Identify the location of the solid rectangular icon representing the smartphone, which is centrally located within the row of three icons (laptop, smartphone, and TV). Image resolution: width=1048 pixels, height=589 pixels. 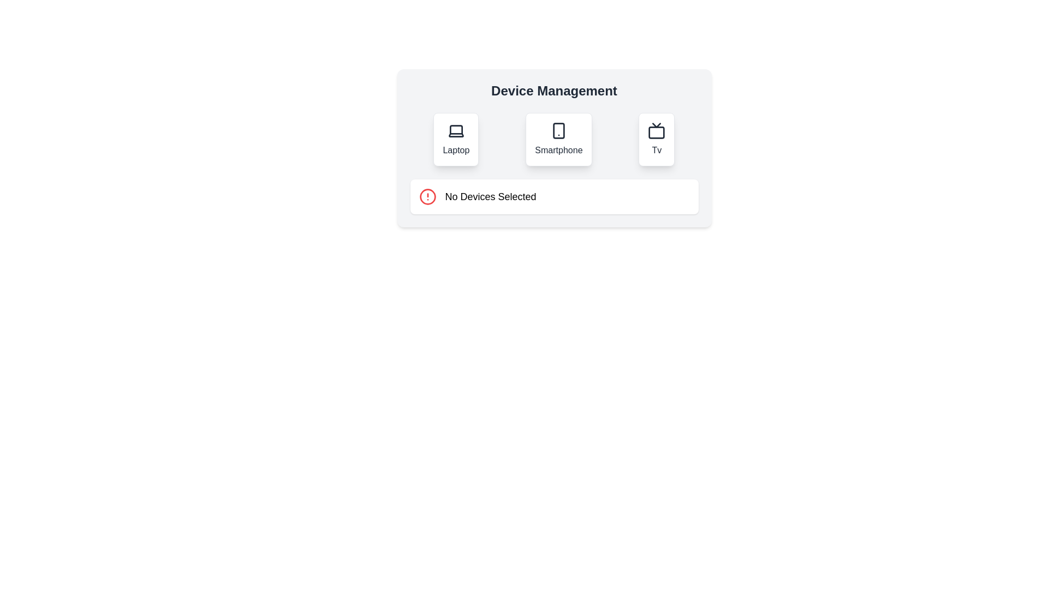
(558, 130).